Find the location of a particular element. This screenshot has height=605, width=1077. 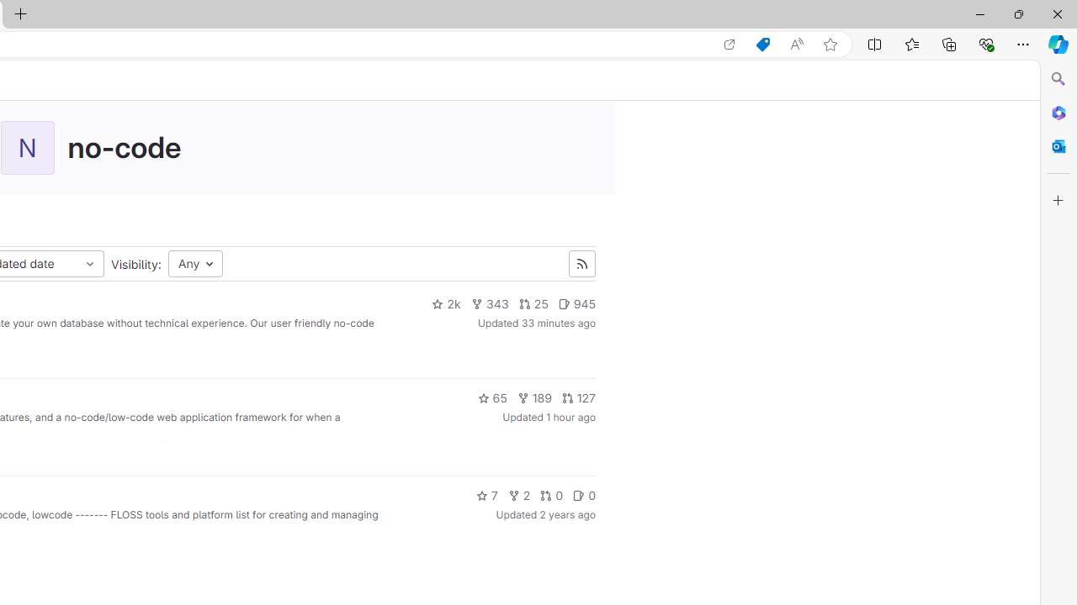

'2k' is located at coordinates (446, 304).